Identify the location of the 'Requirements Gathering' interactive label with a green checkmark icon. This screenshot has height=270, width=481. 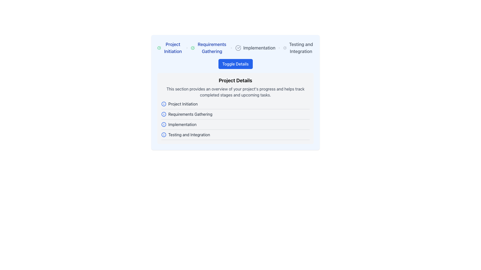
(209, 48).